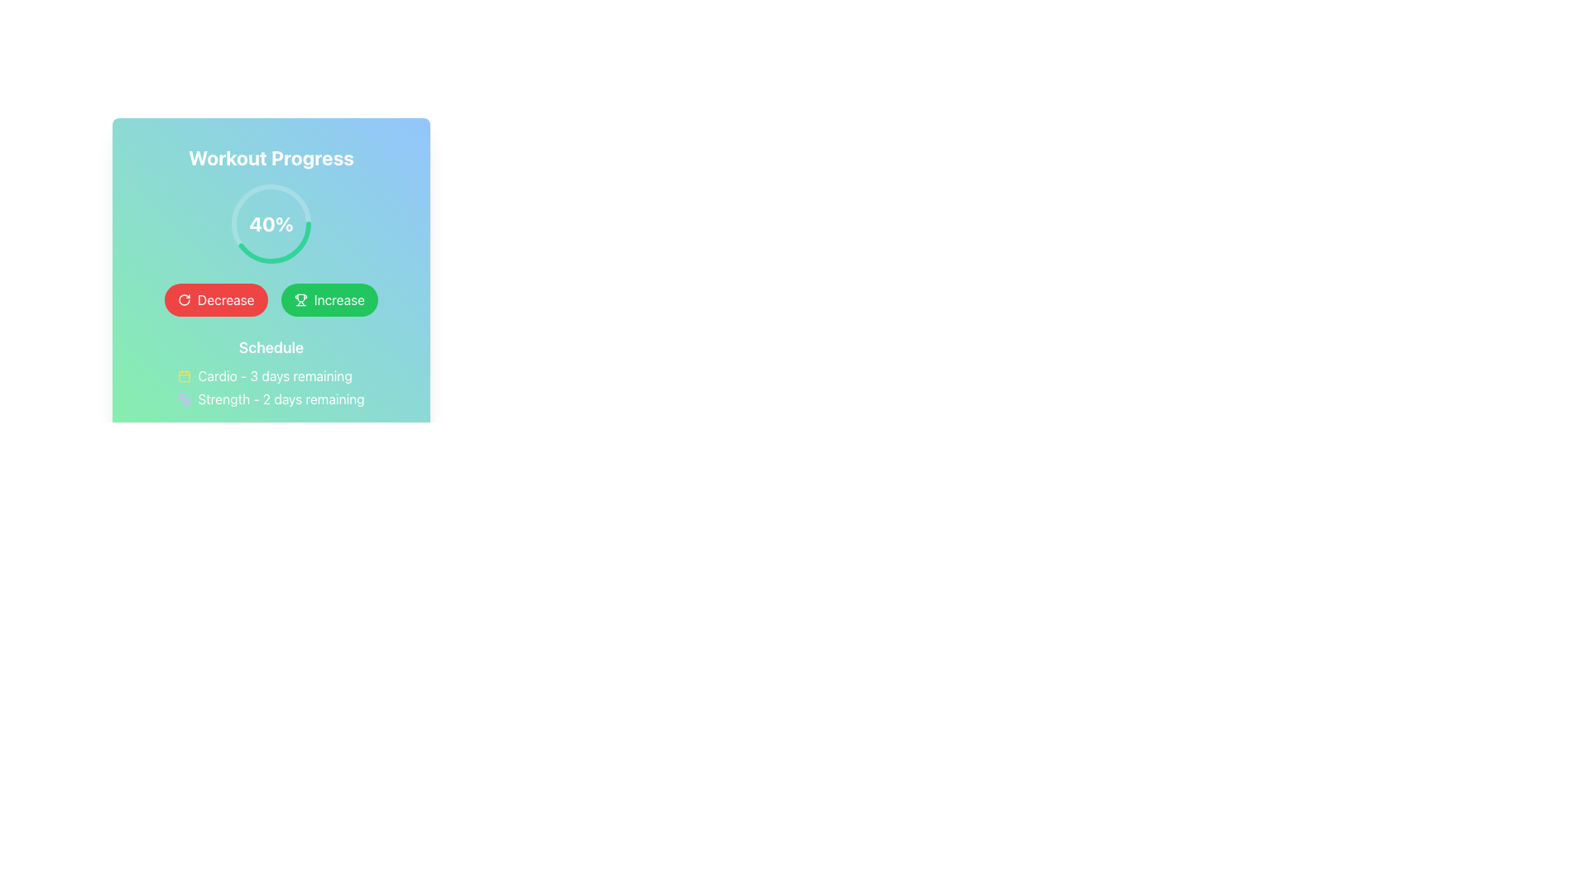 The width and height of the screenshot is (1589, 893). What do you see at coordinates (300, 299) in the screenshot?
I see `the trophy icon, which is centrally located within the green 'Increase' button, distinguished by its green background and white trophy silhouette` at bounding box center [300, 299].